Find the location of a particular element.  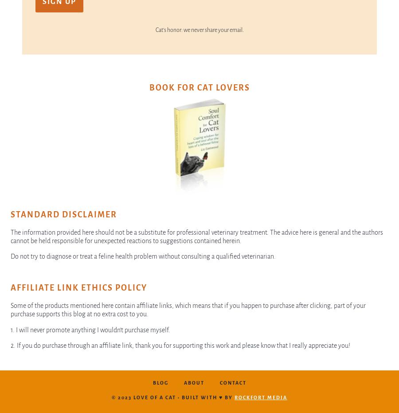

'2. If you do purchase through an affiliate link, thank you for supporting this work and please know that I really appreciate you!' is located at coordinates (180, 345).